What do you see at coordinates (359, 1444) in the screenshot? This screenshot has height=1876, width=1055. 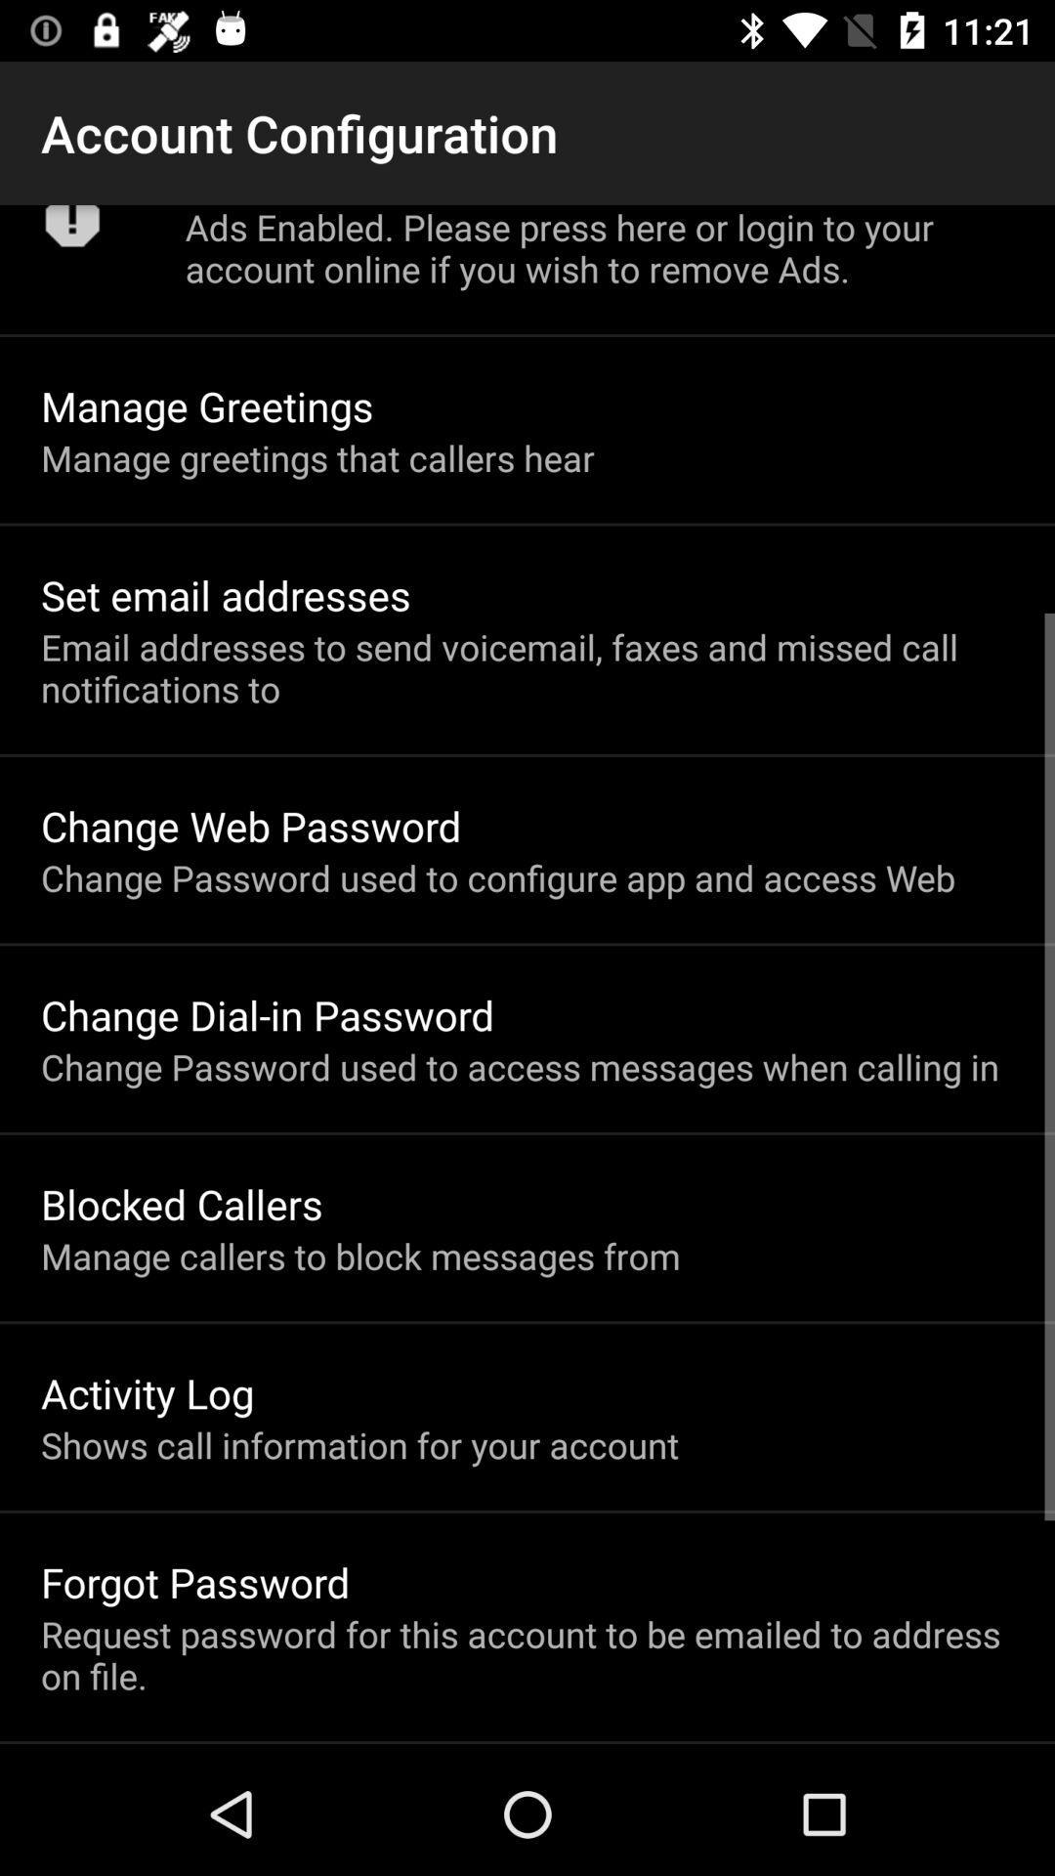 I see `the item below activity log icon` at bounding box center [359, 1444].